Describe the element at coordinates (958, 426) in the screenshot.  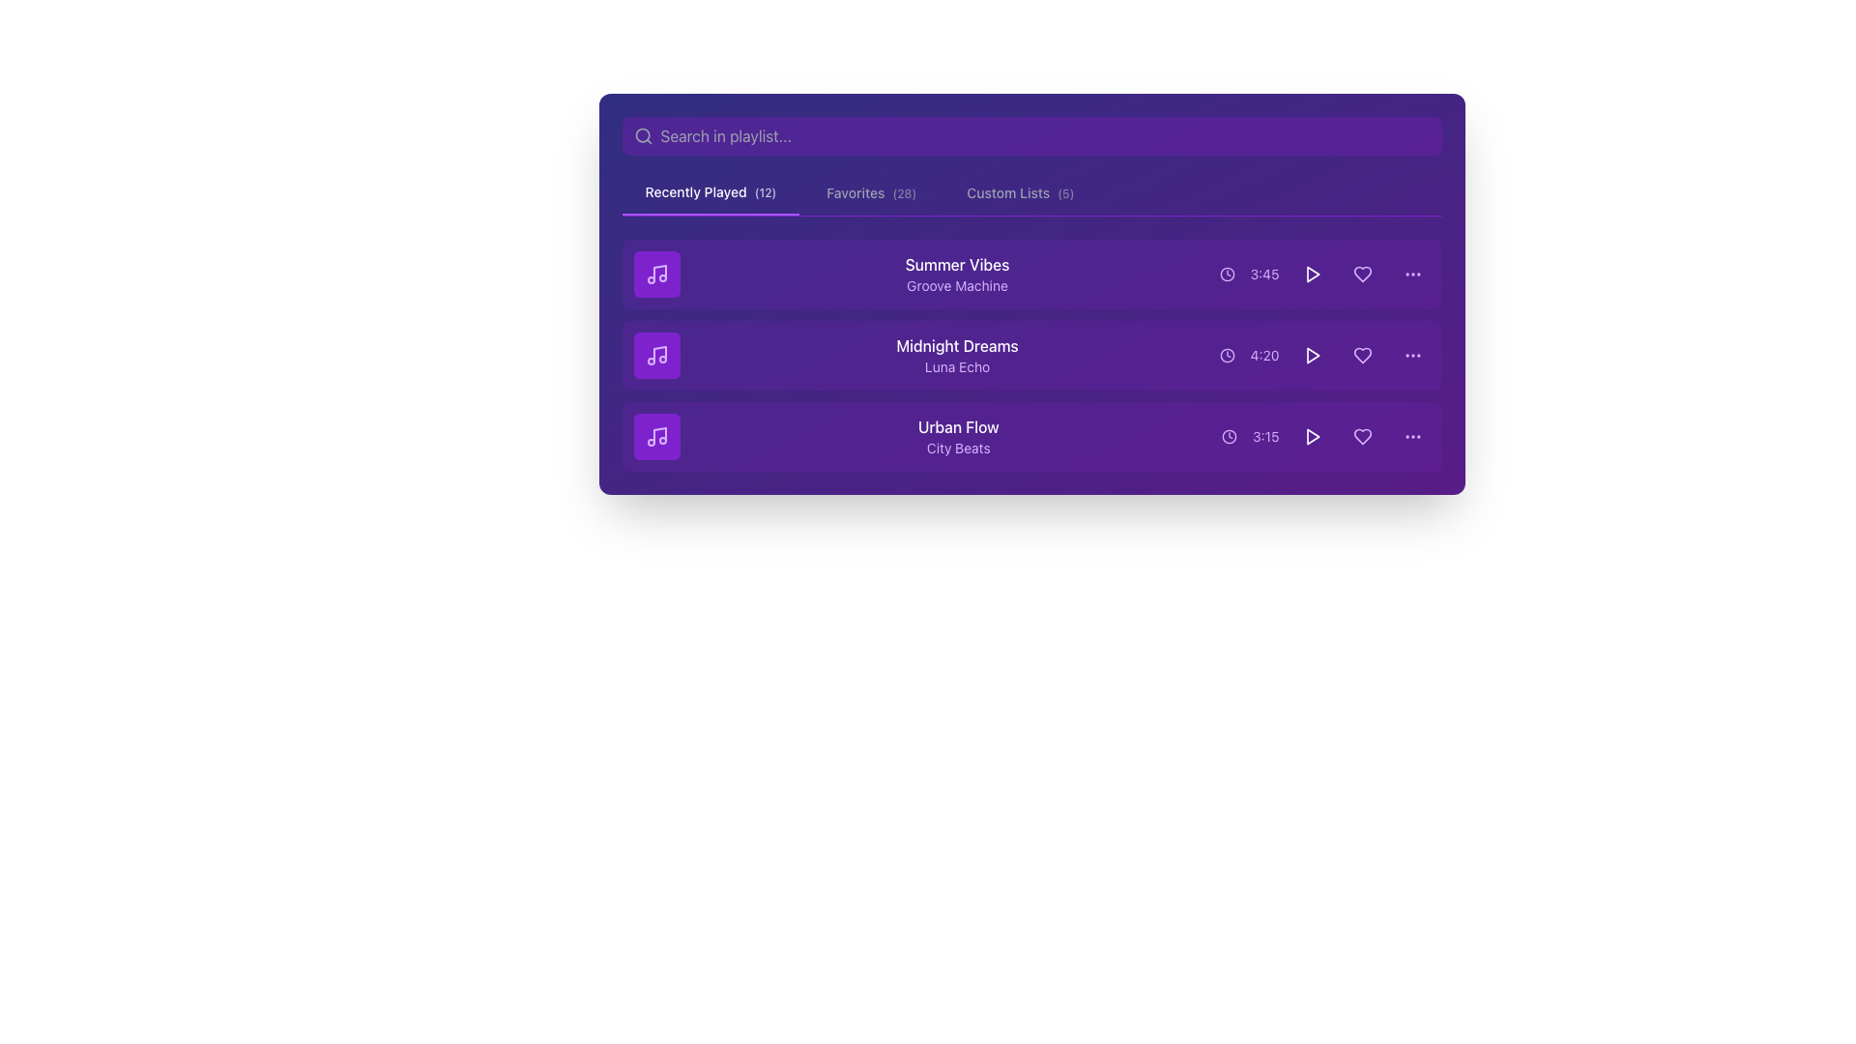
I see `title text of the third list item in the 'Recently Played' section, which is aligned to the left and indicates the main label of the item` at that location.